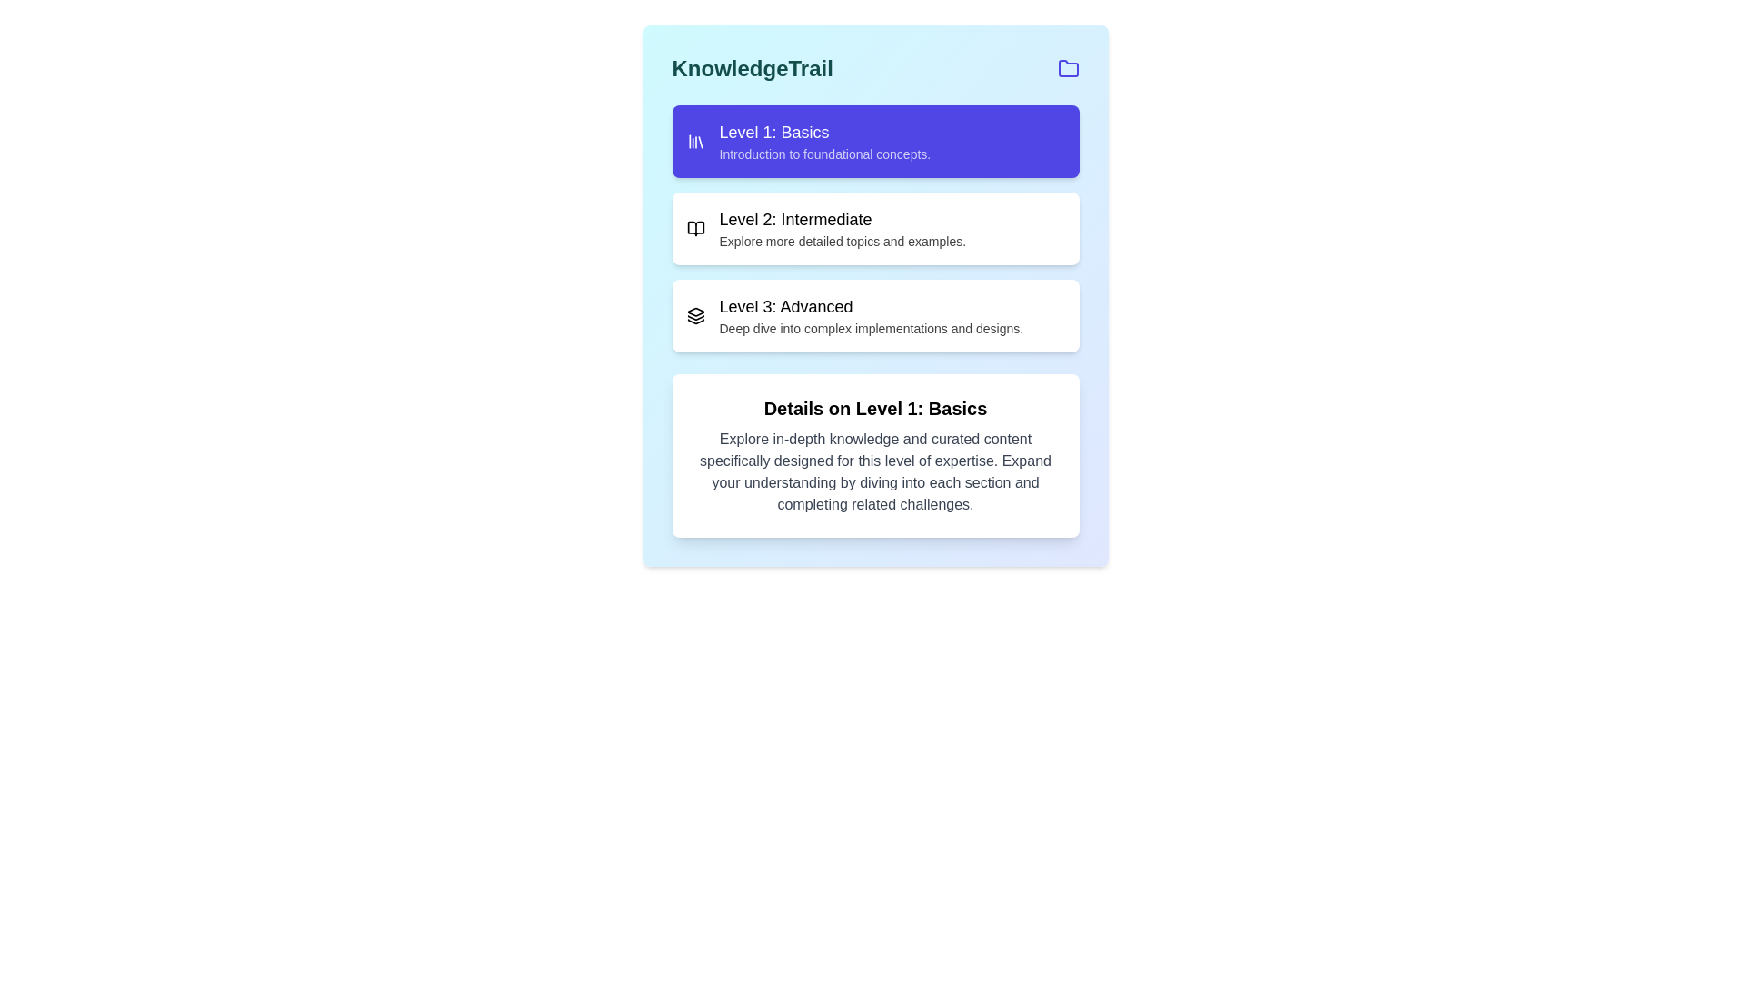  Describe the element at coordinates (753, 68) in the screenshot. I see `the bold text label 'KnowledgeTrail' which is prominently styled in teal and located at the top-left of the central blue panel` at that location.